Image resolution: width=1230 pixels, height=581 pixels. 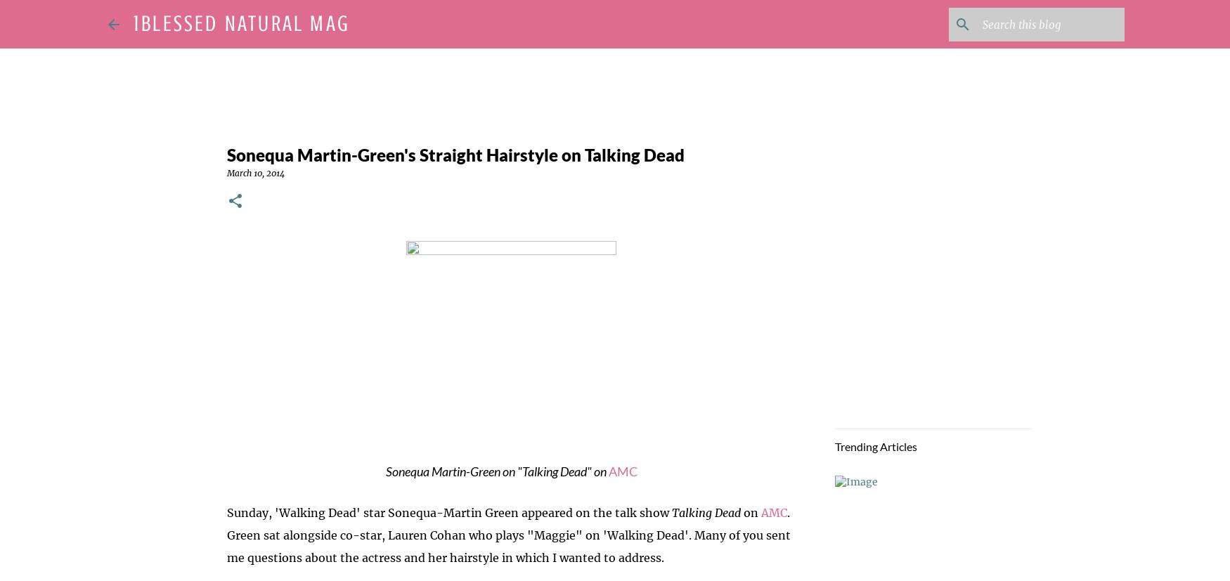 I want to click on '1Blessed Natural Mag', so click(x=242, y=22).